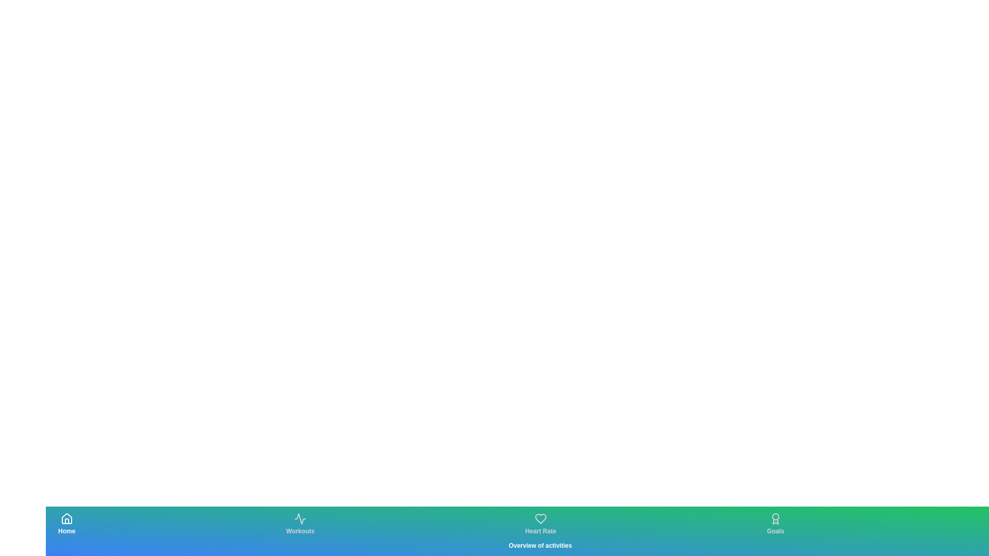 The width and height of the screenshot is (989, 556). What do you see at coordinates (300, 524) in the screenshot?
I see `the Workouts tab to switch to its section` at bounding box center [300, 524].